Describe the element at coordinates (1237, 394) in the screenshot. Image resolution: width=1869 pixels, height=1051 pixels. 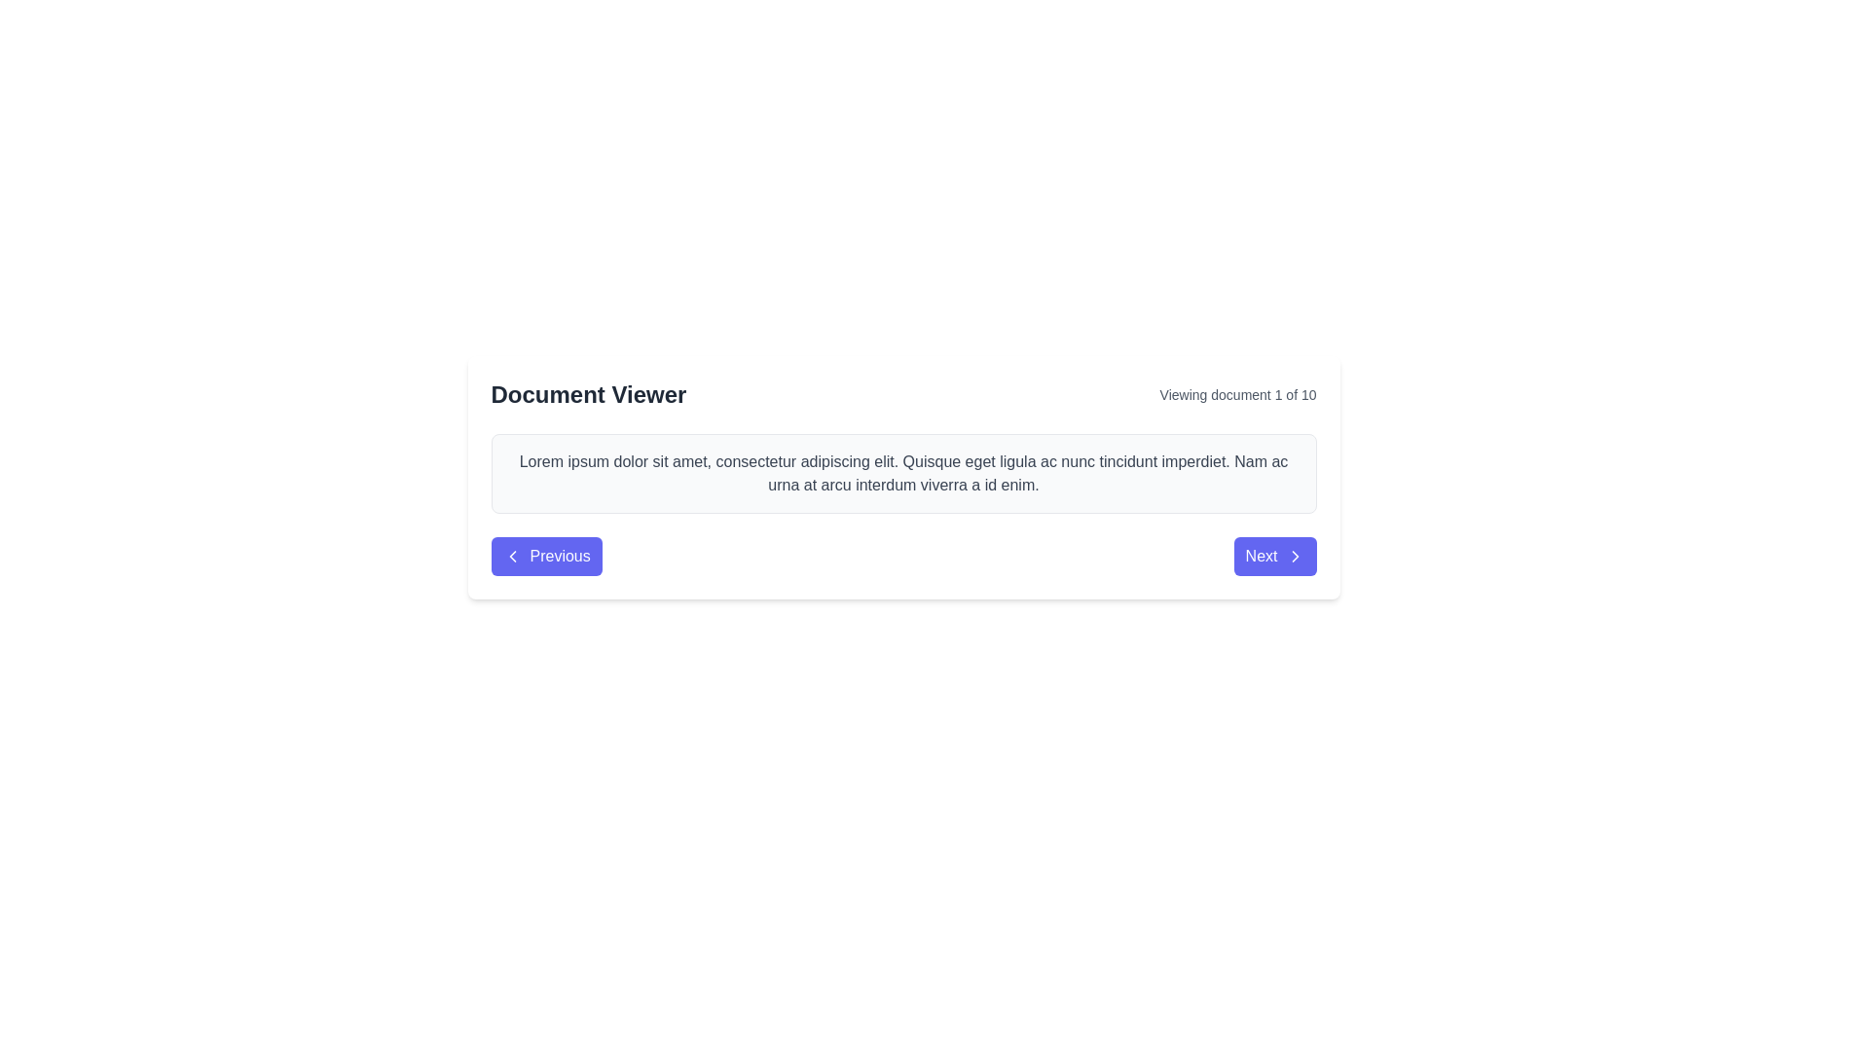
I see `the small gray text label displaying 'Viewing document 1 of 10.'` at that location.